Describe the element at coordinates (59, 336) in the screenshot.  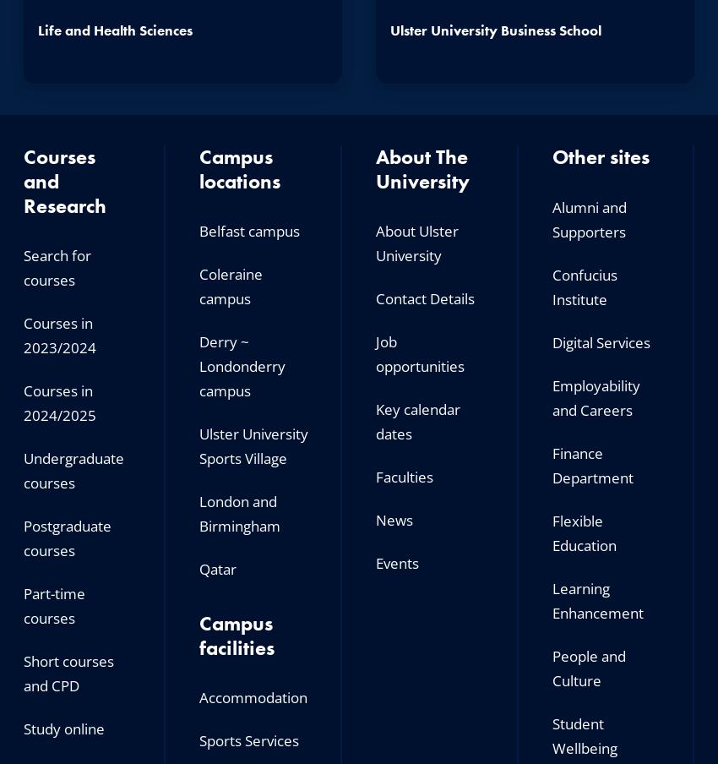
I see `'Courses in 2023/2024'` at that location.